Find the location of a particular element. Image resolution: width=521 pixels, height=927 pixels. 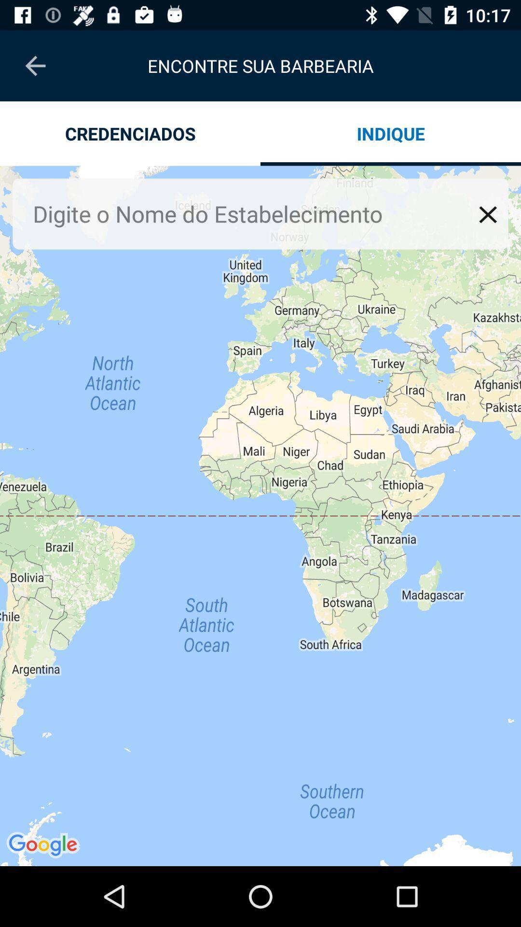

the credenciados app is located at coordinates (130, 133).